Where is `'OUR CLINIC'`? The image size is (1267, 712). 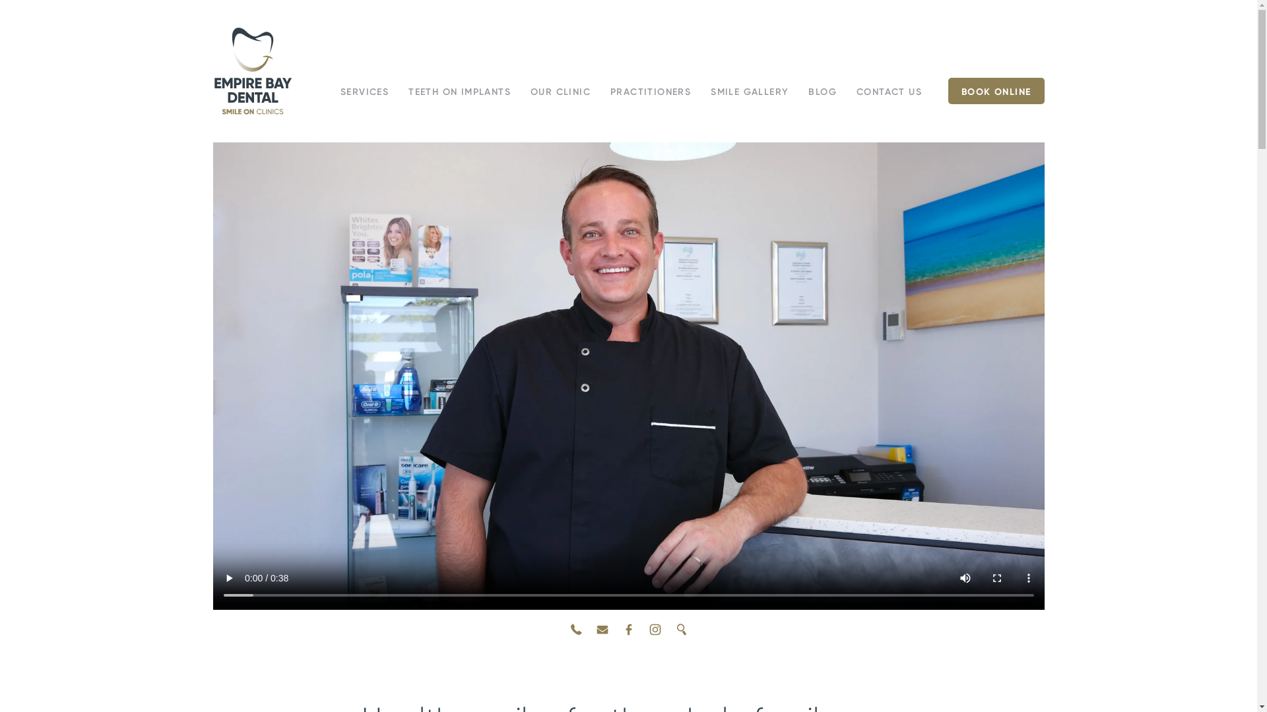 'OUR CLINIC' is located at coordinates (560, 91).